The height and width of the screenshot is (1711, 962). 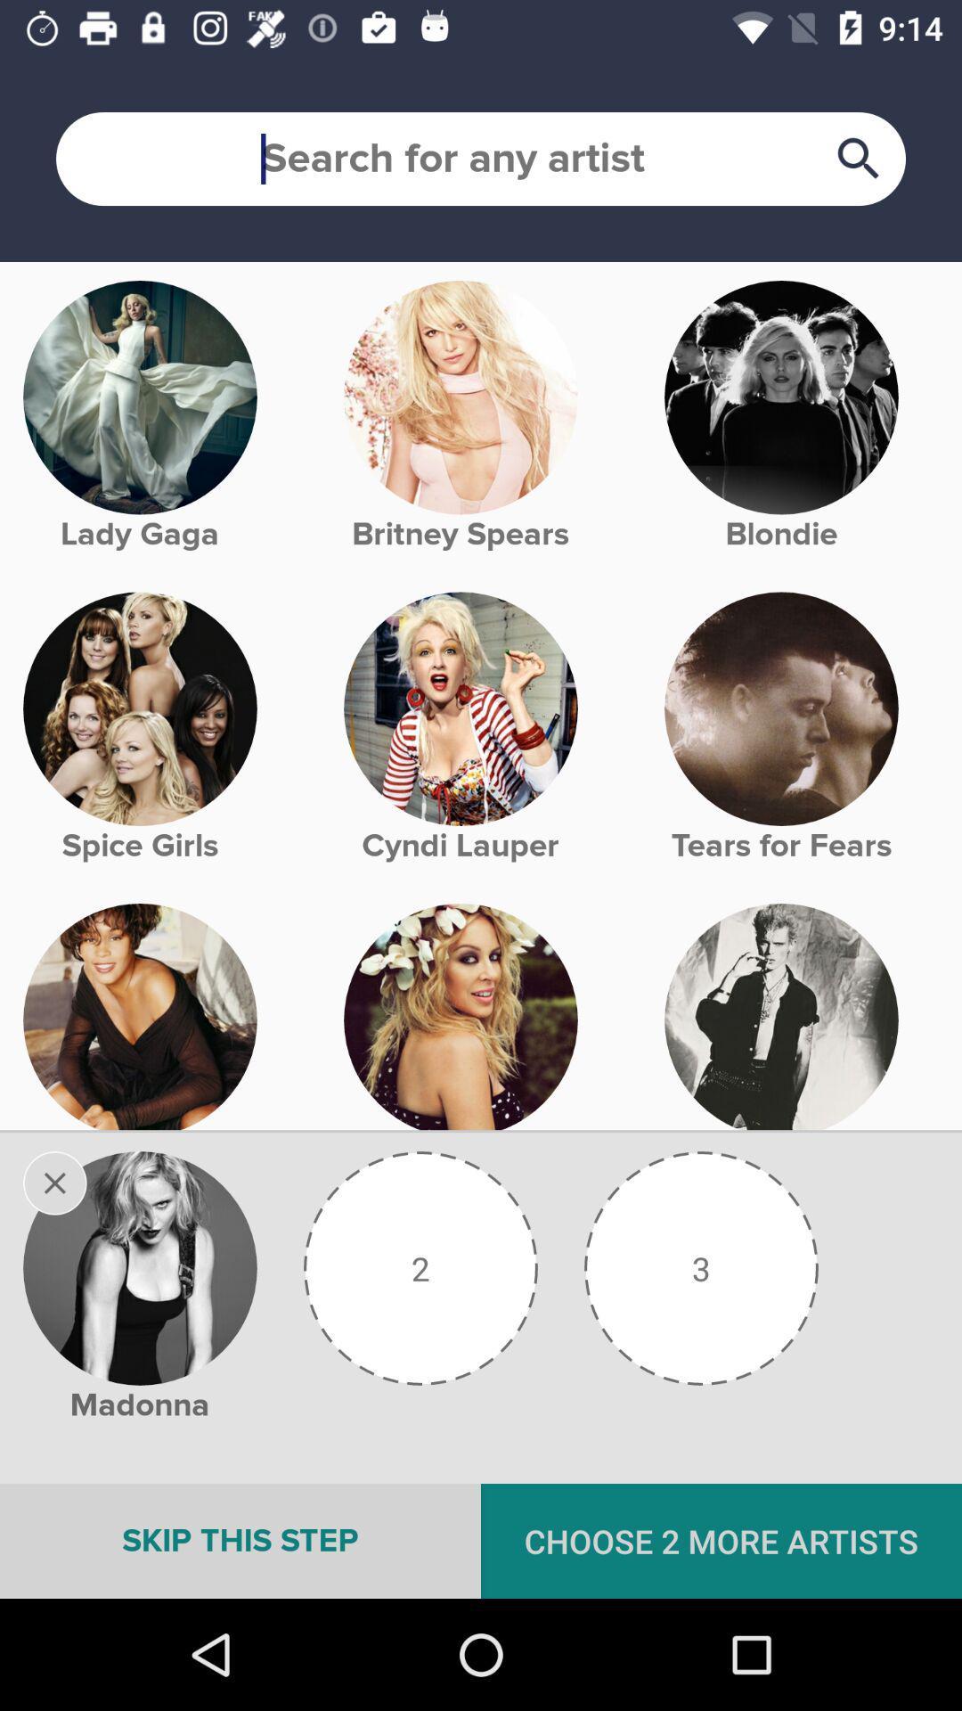 What do you see at coordinates (240, 1540) in the screenshot?
I see `the icon next to choose 2 more icon` at bounding box center [240, 1540].